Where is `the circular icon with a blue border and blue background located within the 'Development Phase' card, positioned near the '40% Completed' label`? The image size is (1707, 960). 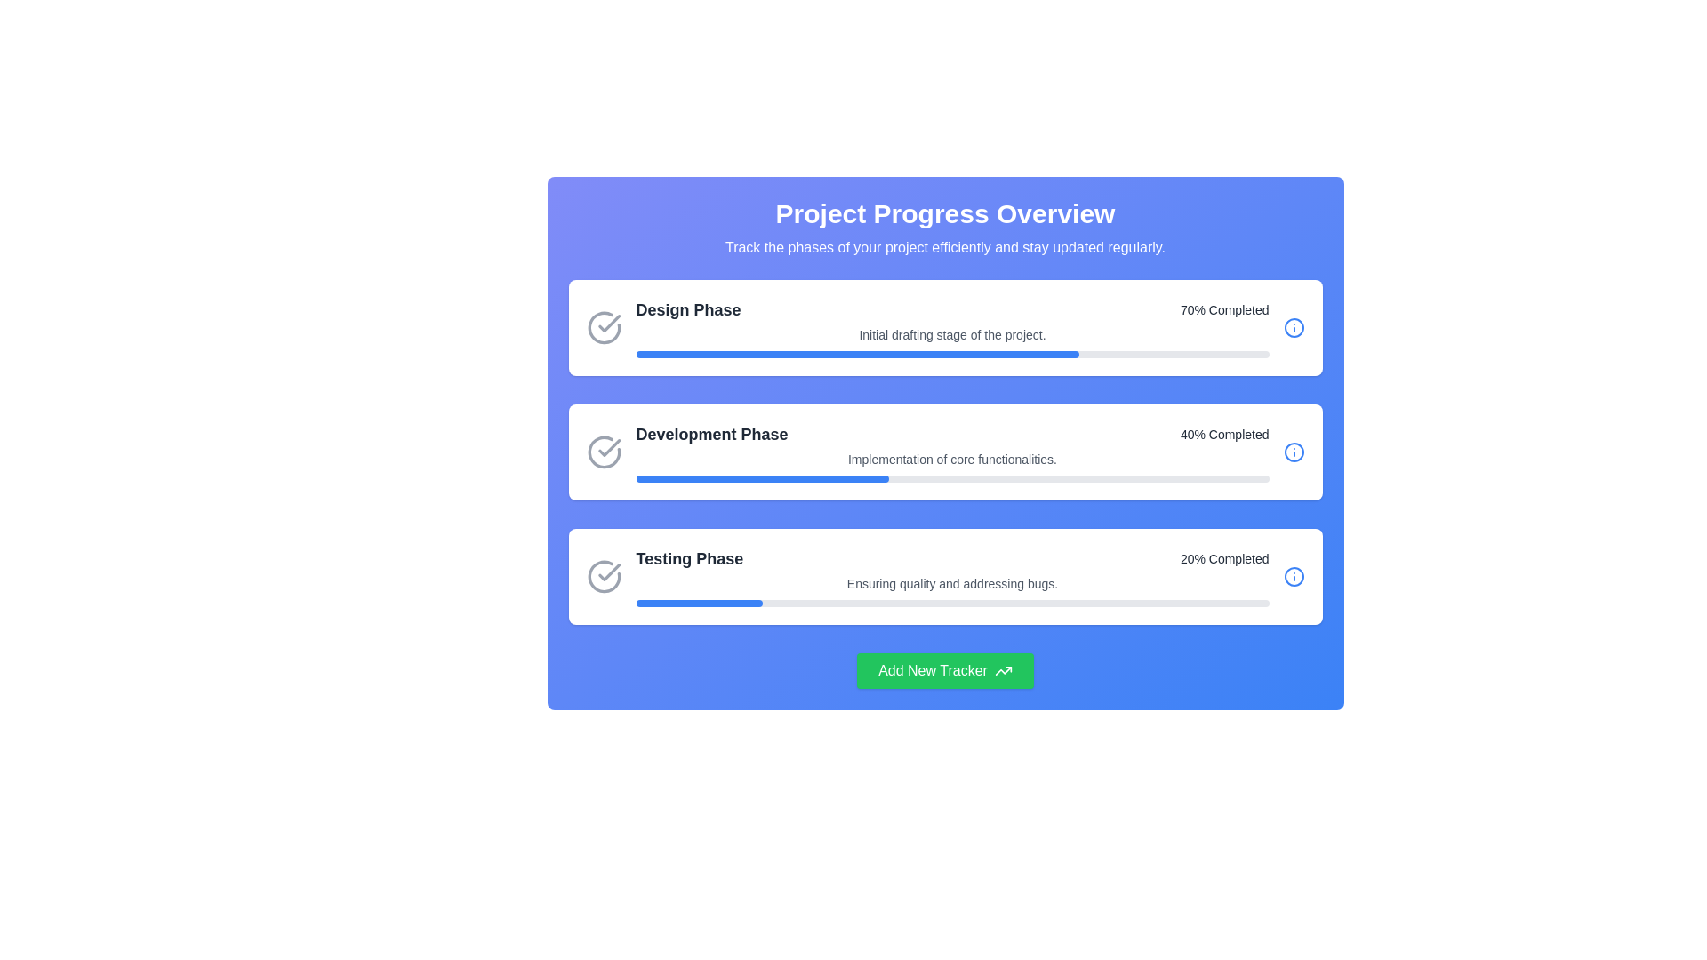 the circular icon with a blue border and blue background located within the 'Development Phase' card, positioned near the '40% Completed' label is located at coordinates (1294, 452).